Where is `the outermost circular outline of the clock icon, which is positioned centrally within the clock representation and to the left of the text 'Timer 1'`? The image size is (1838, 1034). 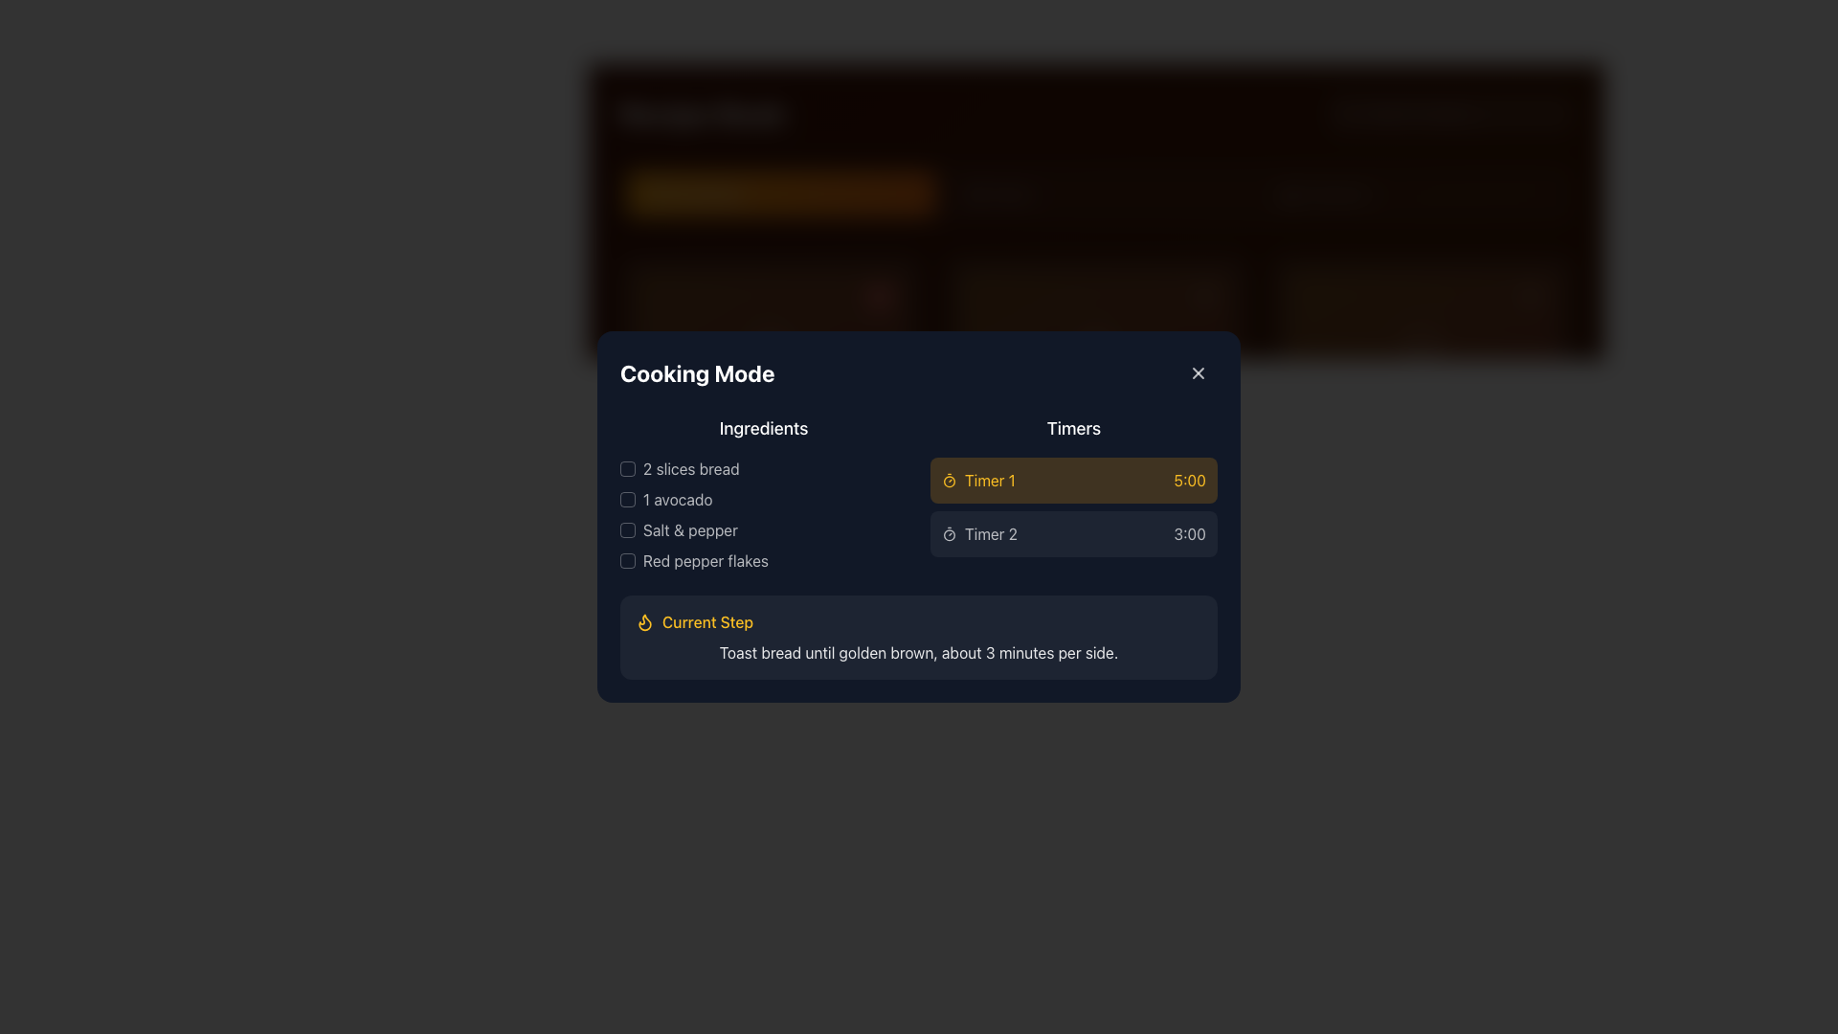
the outermost circular outline of the clock icon, which is positioned centrally within the clock representation and to the left of the text 'Timer 1' is located at coordinates (968, 483).